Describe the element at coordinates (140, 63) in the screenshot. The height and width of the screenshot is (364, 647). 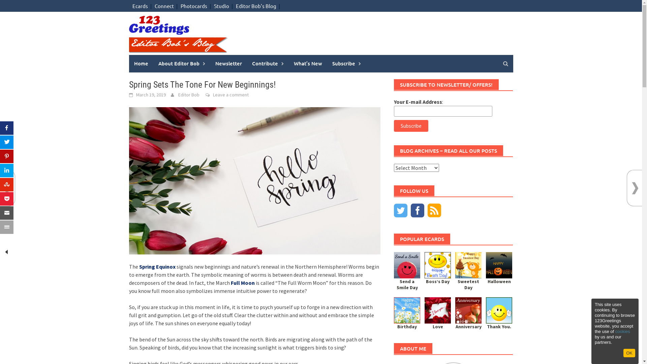
I see `'Home'` at that location.